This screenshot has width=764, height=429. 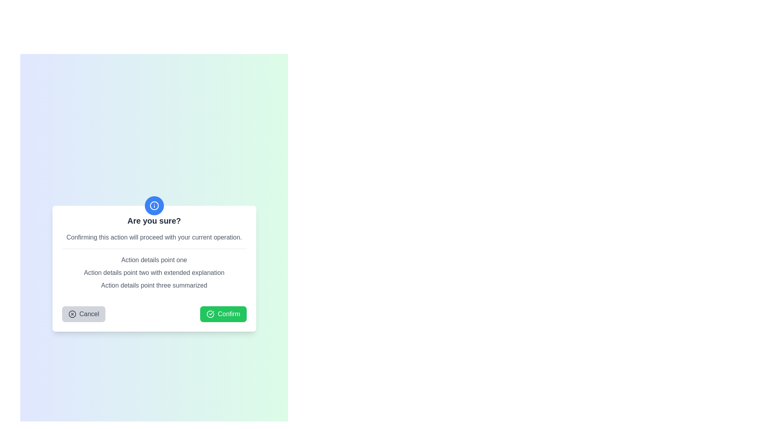 I want to click on the SVG Circle element, which is part of an informational or decorative icon located near the bottom left of the modal prompt, adjacent to the 'Cancel' button, so click(x=72, y=313).